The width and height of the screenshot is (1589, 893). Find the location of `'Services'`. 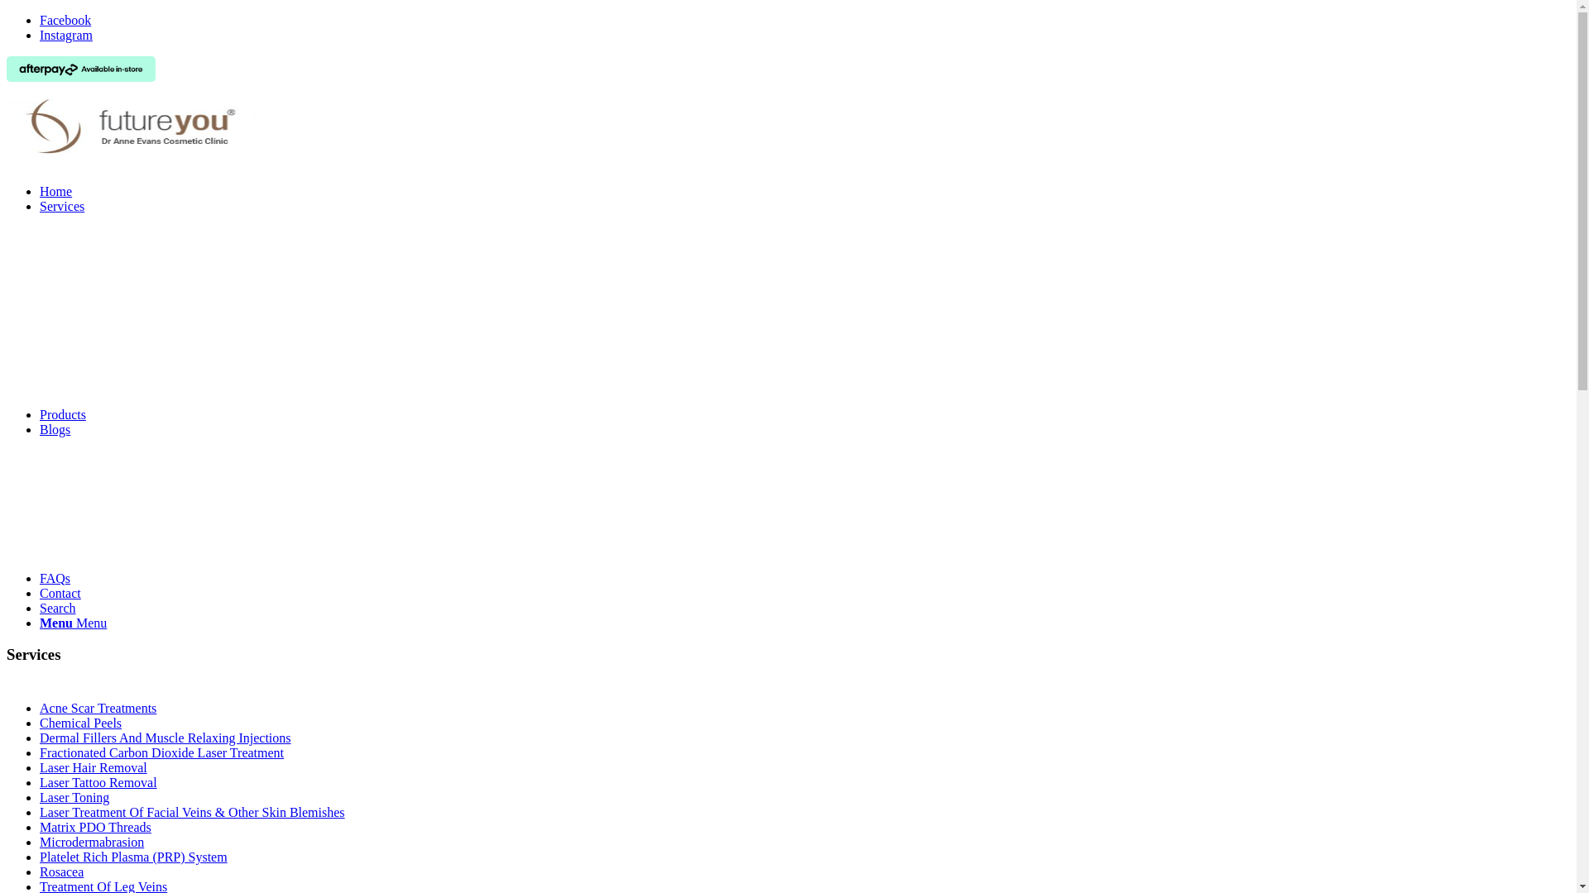

'Services' is located at coordinates (40, 205).